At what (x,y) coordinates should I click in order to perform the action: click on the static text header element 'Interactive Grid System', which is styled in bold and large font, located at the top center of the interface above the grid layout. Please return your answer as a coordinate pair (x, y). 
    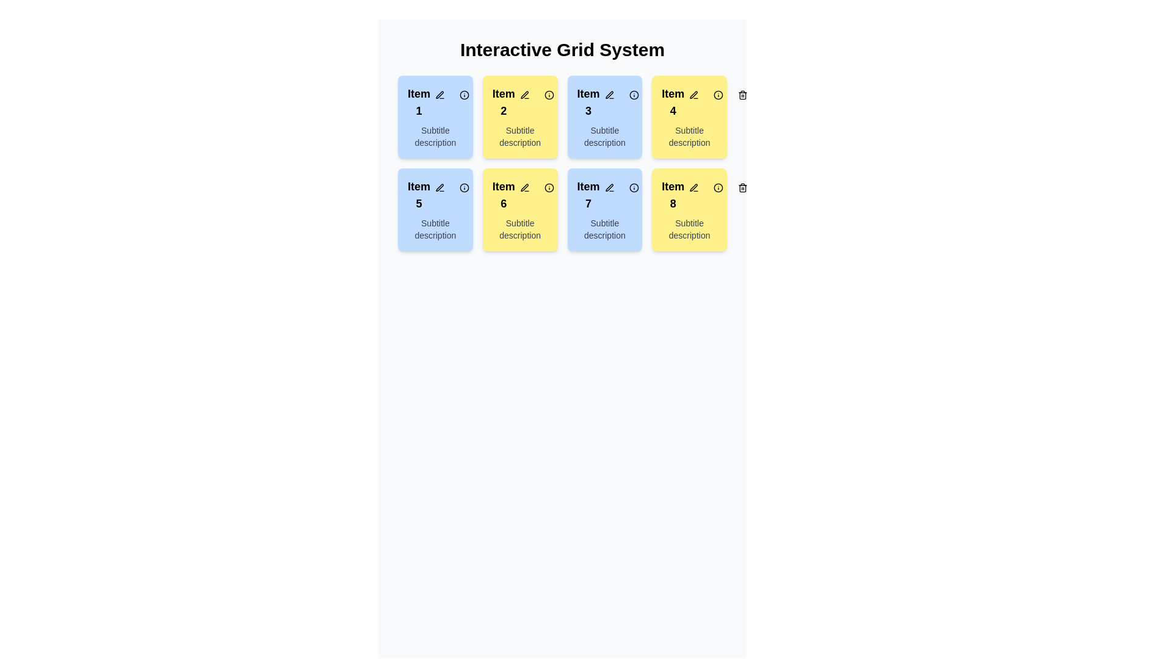
    Looking at the image, I should click on (562, 49).